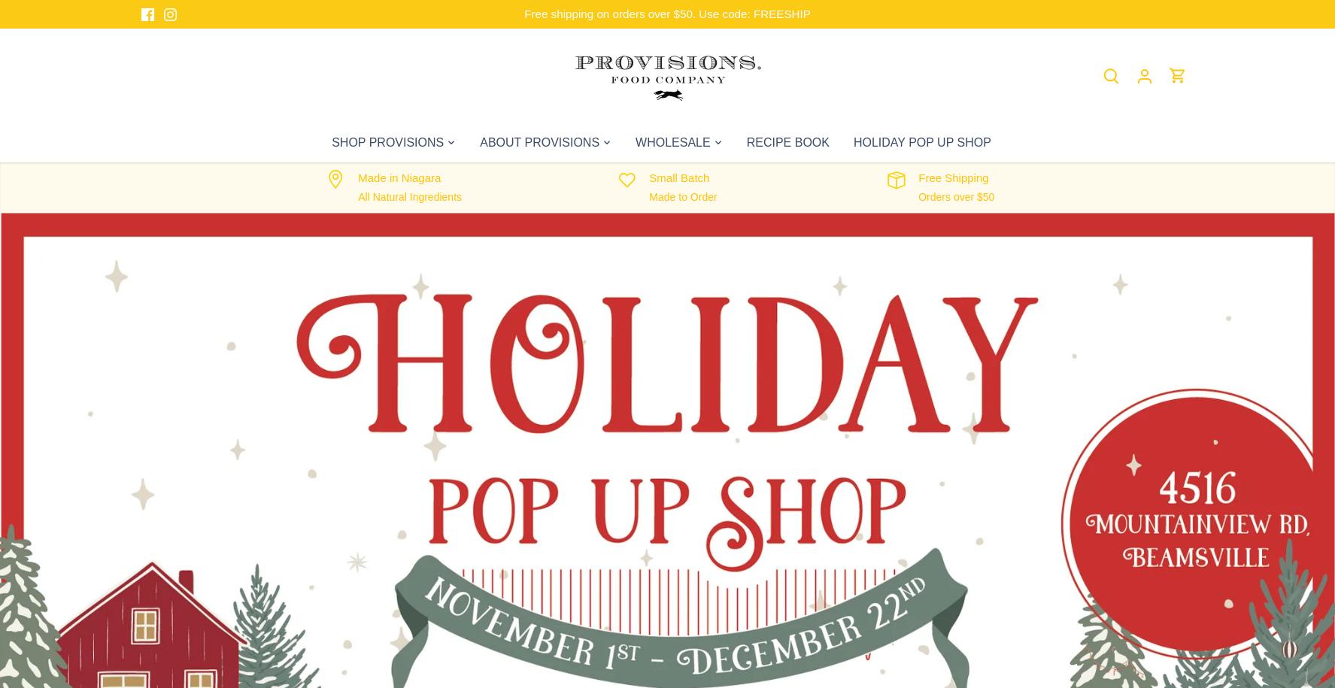 The height and width of the screenshot is (688, 1335). What do you see at coordinates (648, 177) in the screenshot?
I see `'Small Batch'` at bounding box center [648, 177].